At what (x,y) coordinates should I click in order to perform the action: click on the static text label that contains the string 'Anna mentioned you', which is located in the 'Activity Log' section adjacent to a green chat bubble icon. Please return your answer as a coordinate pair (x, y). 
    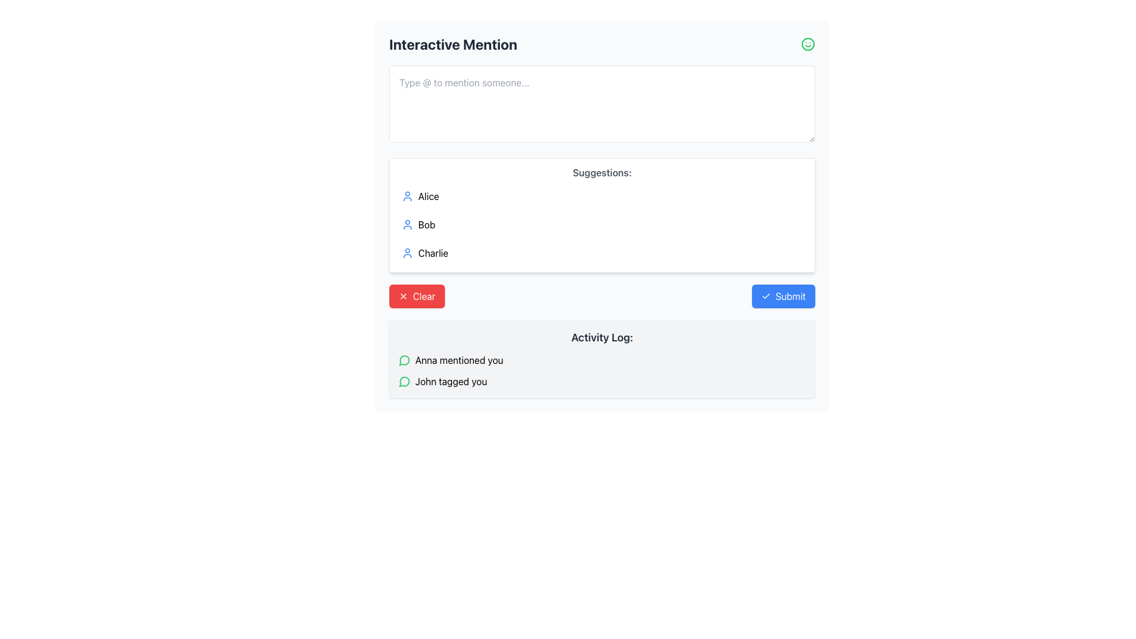
    Looking at the image, I should click on (459, 360).